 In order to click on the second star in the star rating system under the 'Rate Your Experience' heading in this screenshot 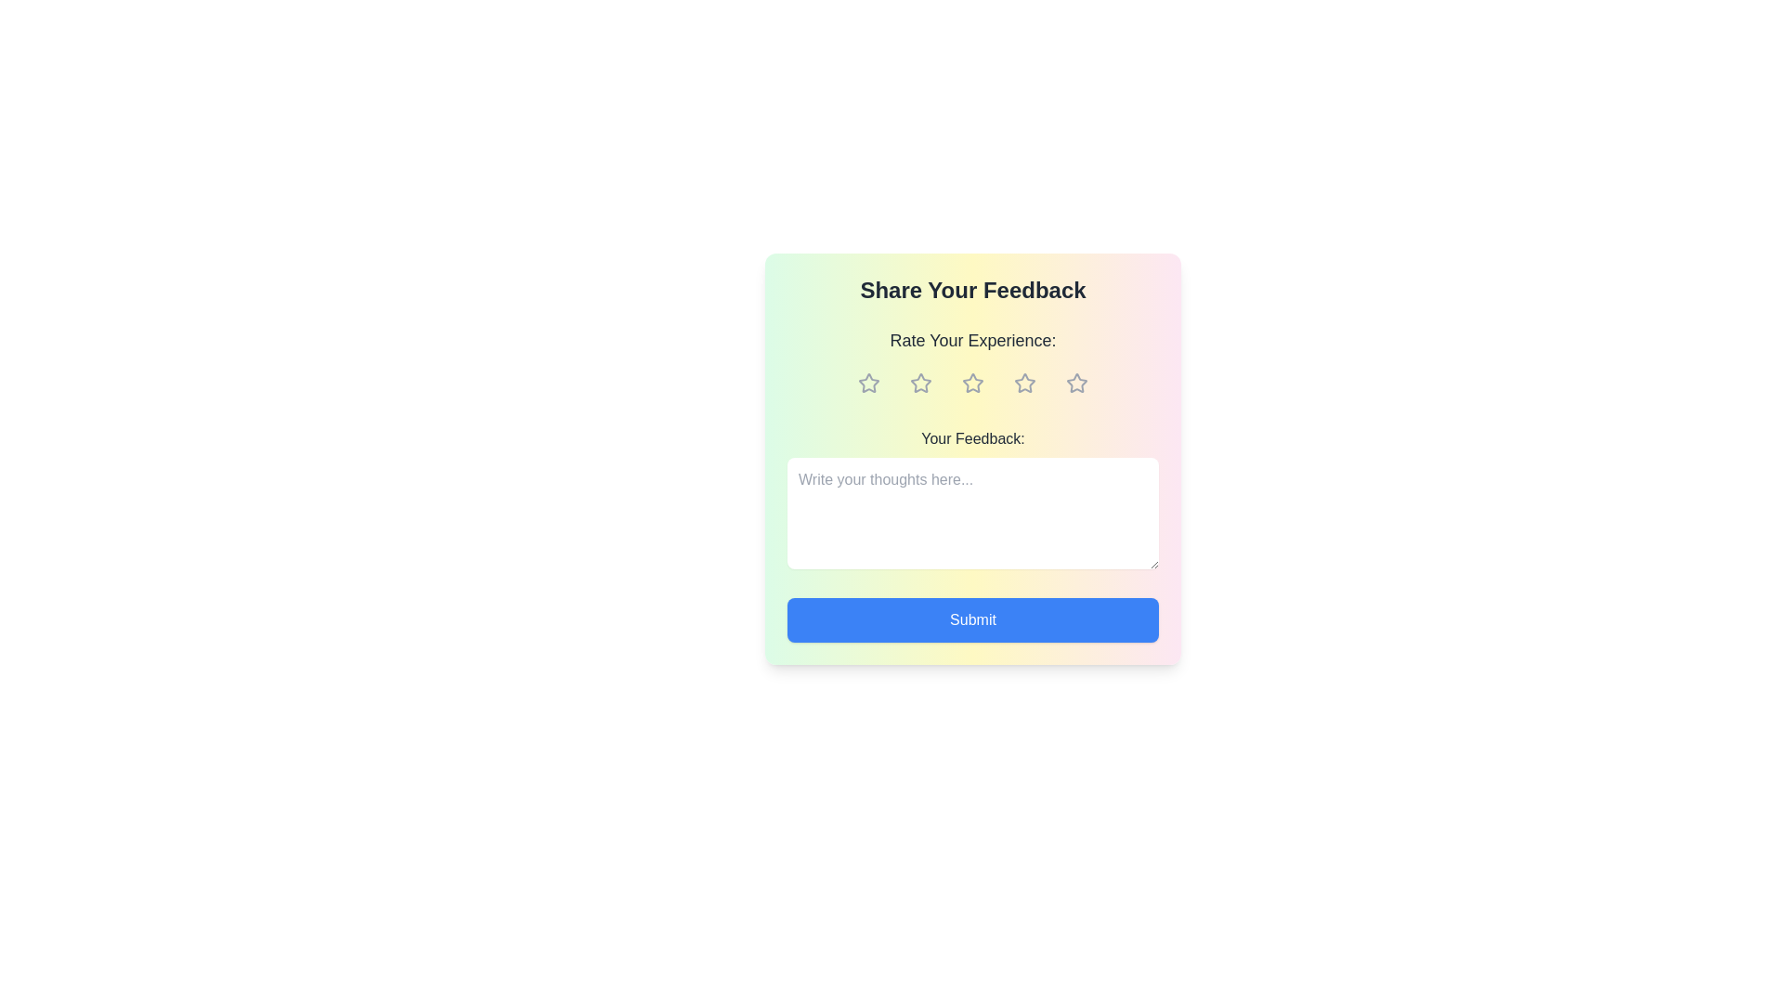, I will do `click(921, 382)`.